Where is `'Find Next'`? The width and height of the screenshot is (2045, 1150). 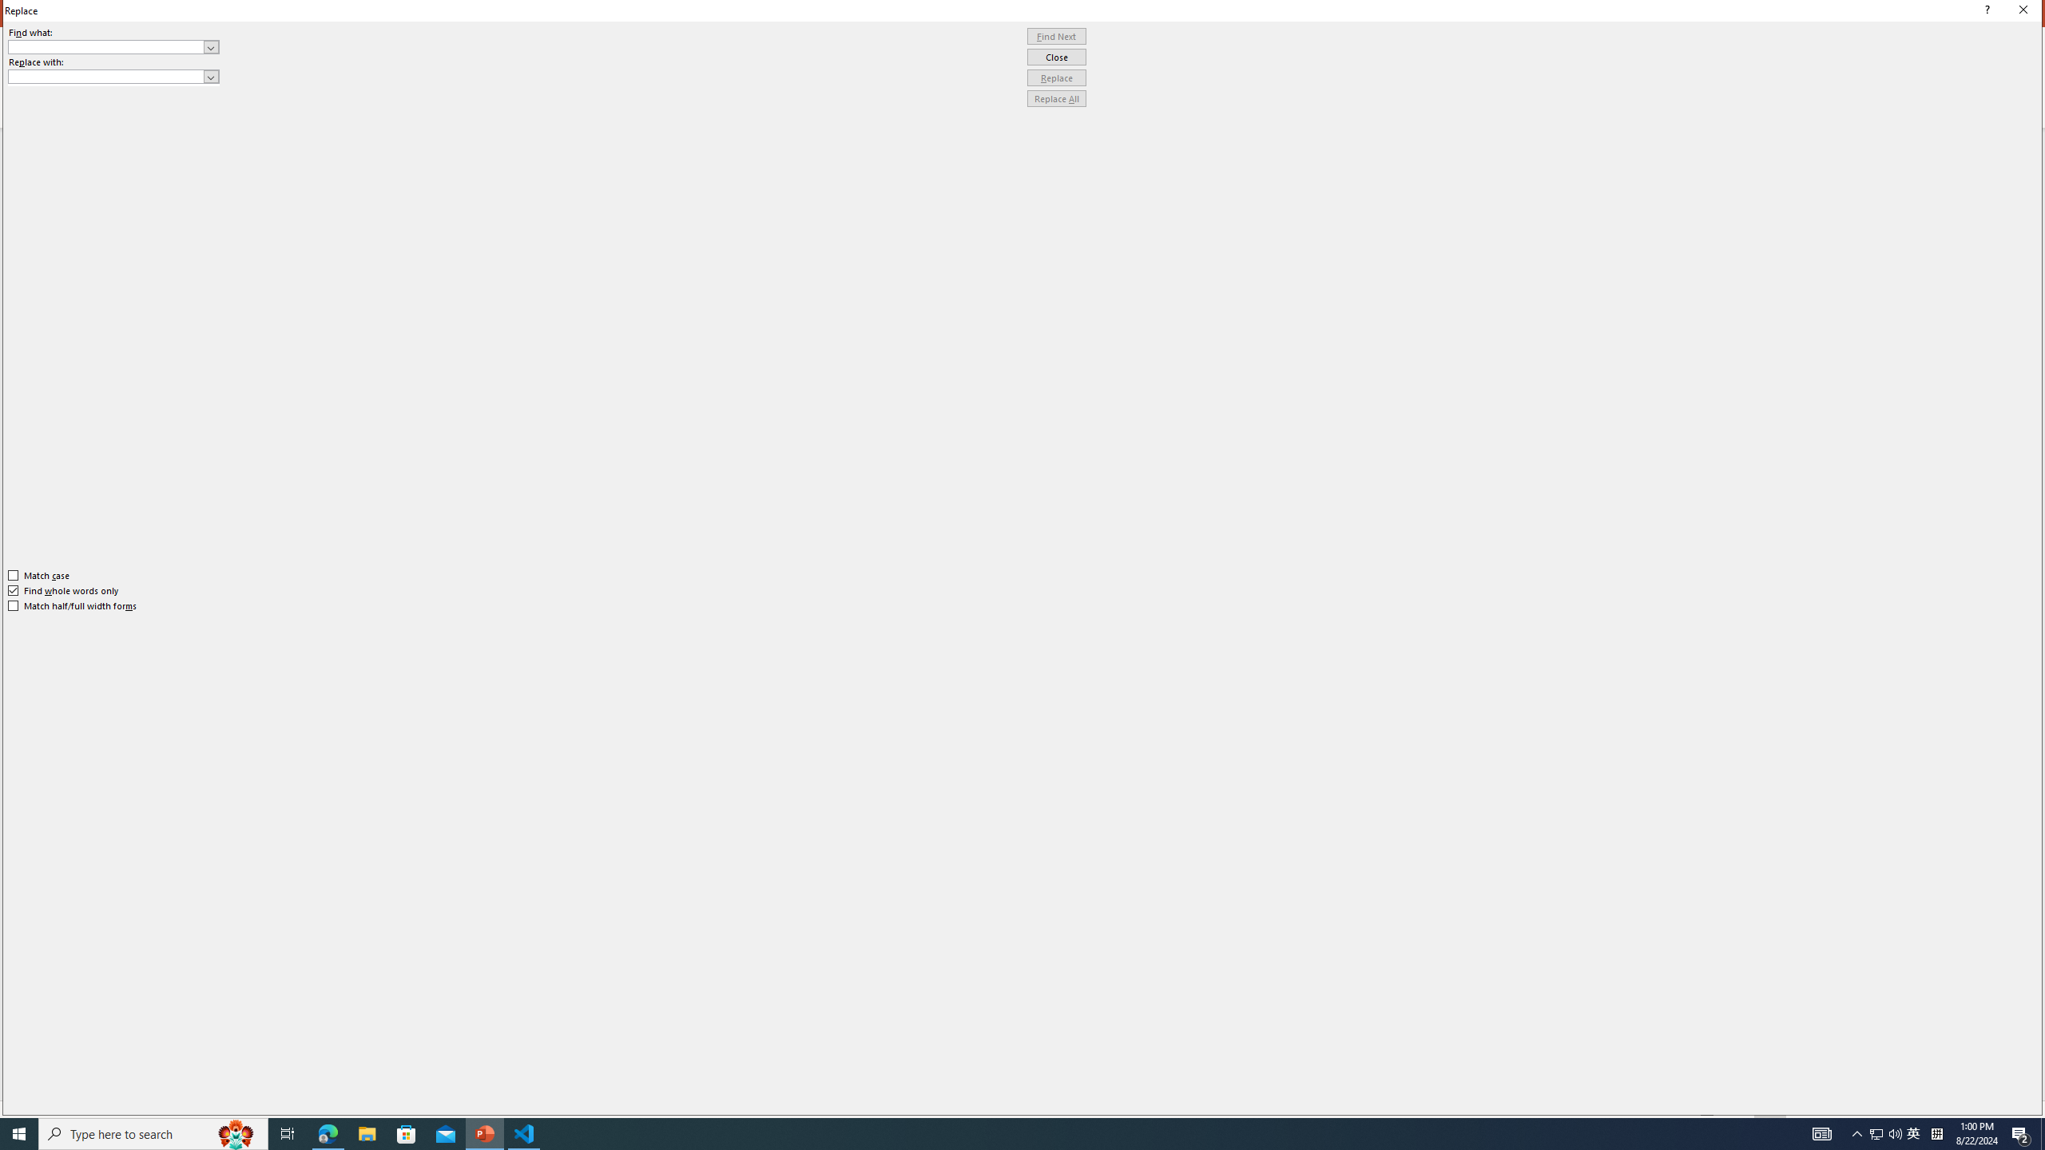 'Find Next' is located at coordinates (1056, 36).